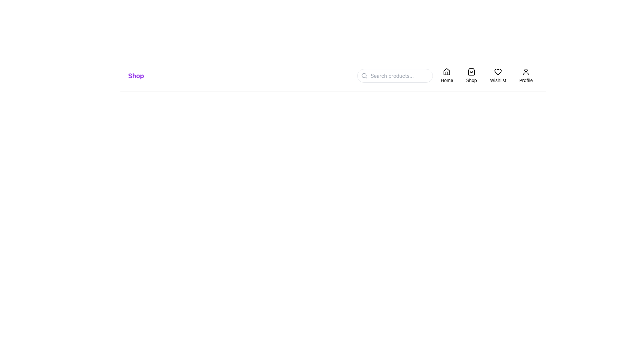 The height and width of the screenshot is (350, 623). I want to click on the user icon, which is a minimalistic black circular head with a semi-circular body outline, located in the top right of the interface within the 'Profile' section of the navigation bar, so click(526, 72).